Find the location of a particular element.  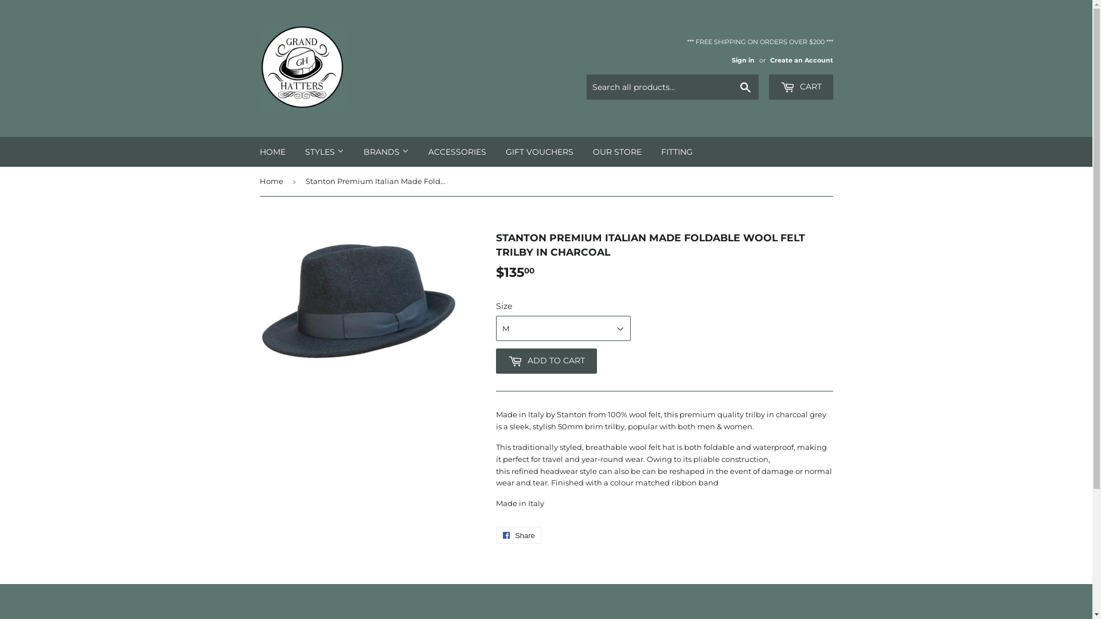

'STYLES' is located at coordinates (323, 151).